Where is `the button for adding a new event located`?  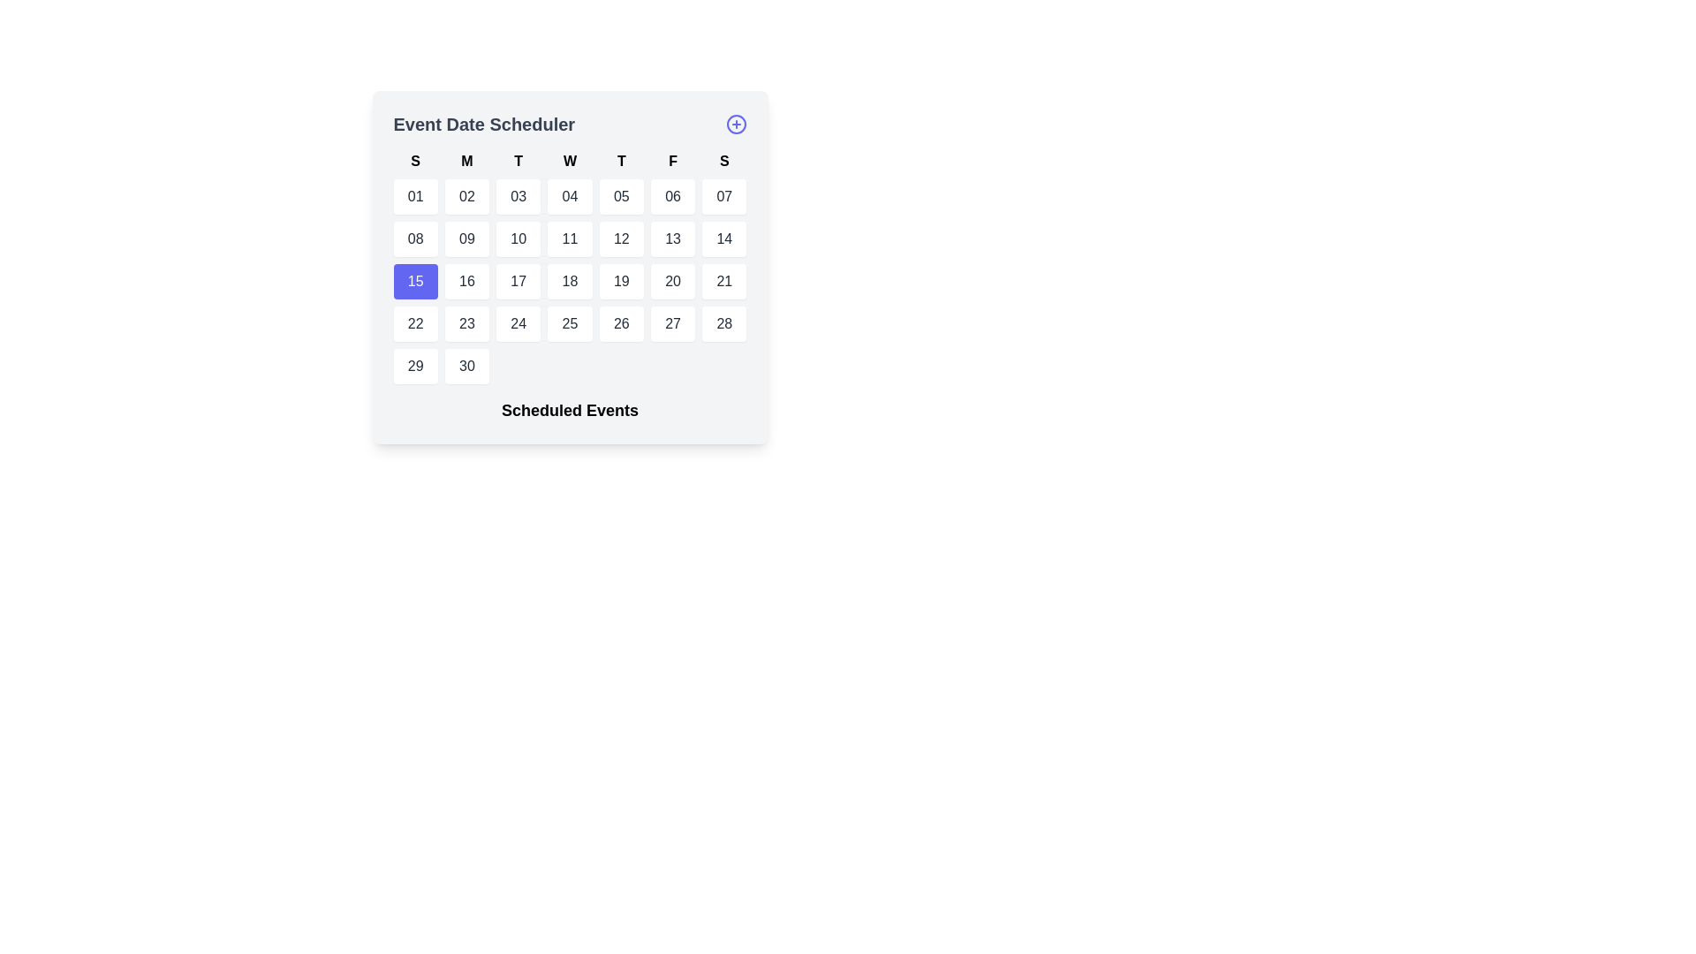
the button for adding a new event located is located at coordinates (736, 124).